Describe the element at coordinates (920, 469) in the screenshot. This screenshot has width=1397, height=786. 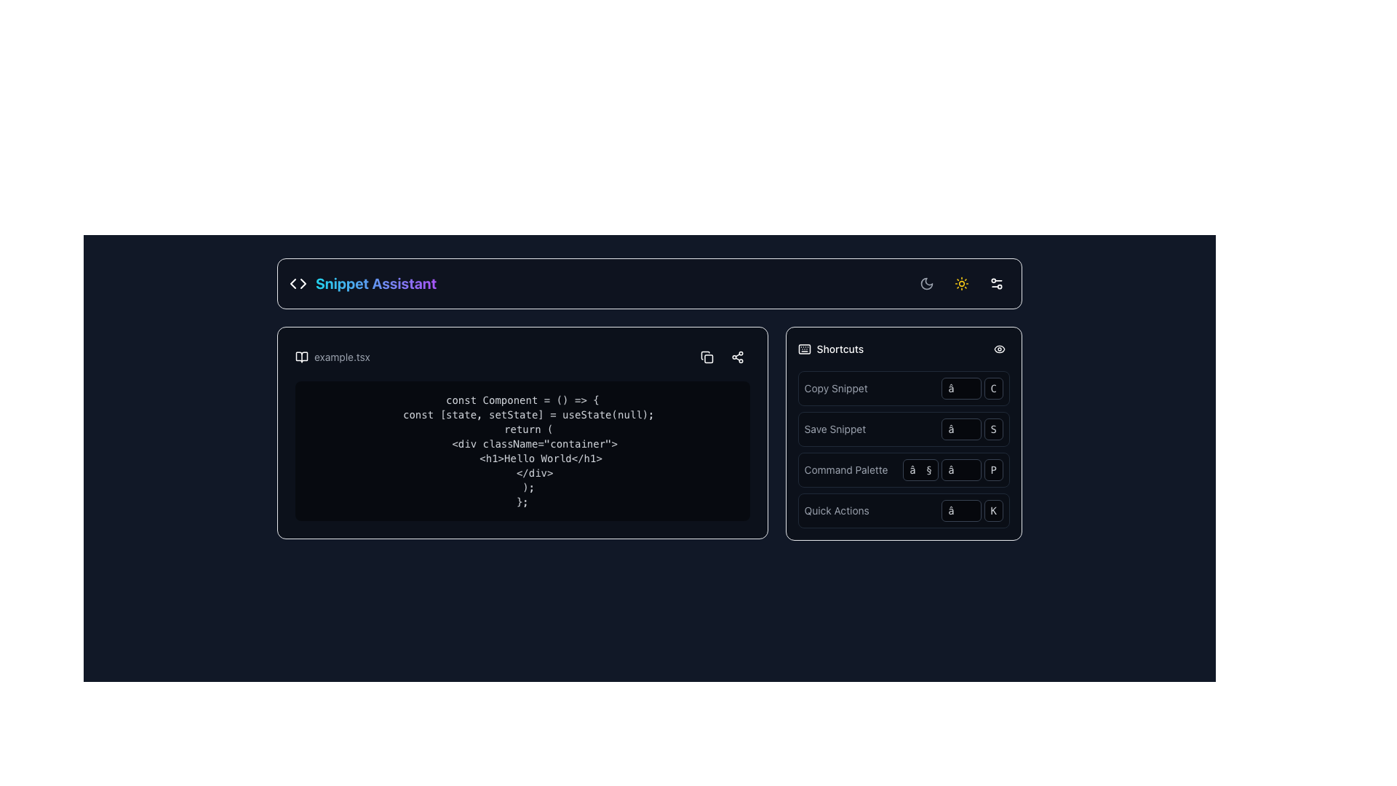
I see `the first rectangular button with a dark background and light gray text 'â§' located in the bottom-right corner of the application interface` at that location.